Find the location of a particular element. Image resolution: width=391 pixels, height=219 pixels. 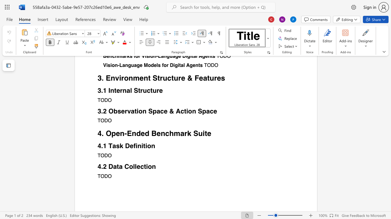

the subset text "Da" within the text "Data Collection" is located at coordinates (108, 166).